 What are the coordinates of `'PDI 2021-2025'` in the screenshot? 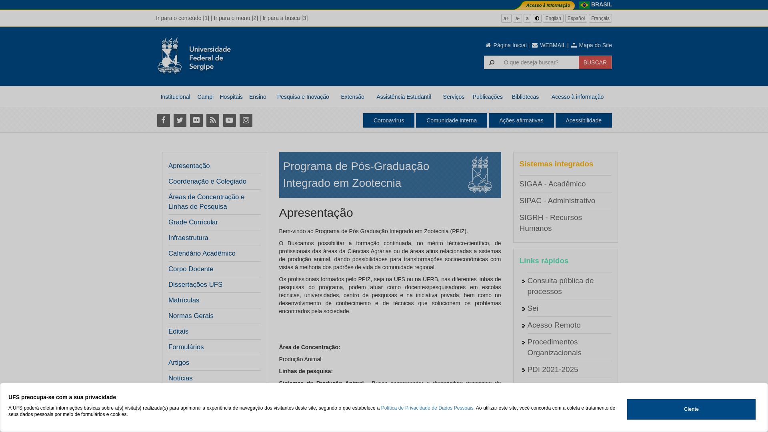 It's located at (552, 369).